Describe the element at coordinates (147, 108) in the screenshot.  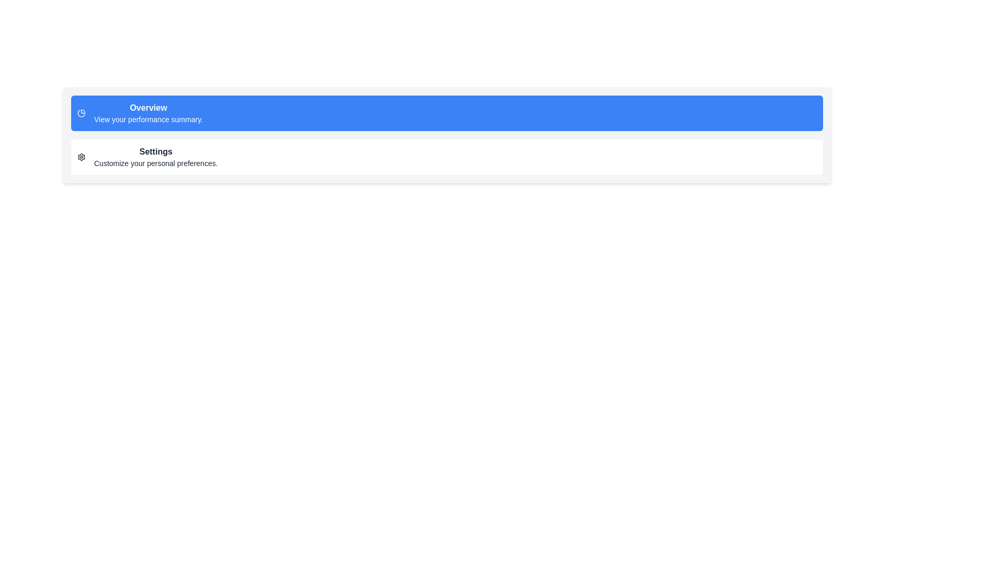
I see `the header text element that provides a concise summary of the section's content, located above the 'View your performance summary.' text` at that location.